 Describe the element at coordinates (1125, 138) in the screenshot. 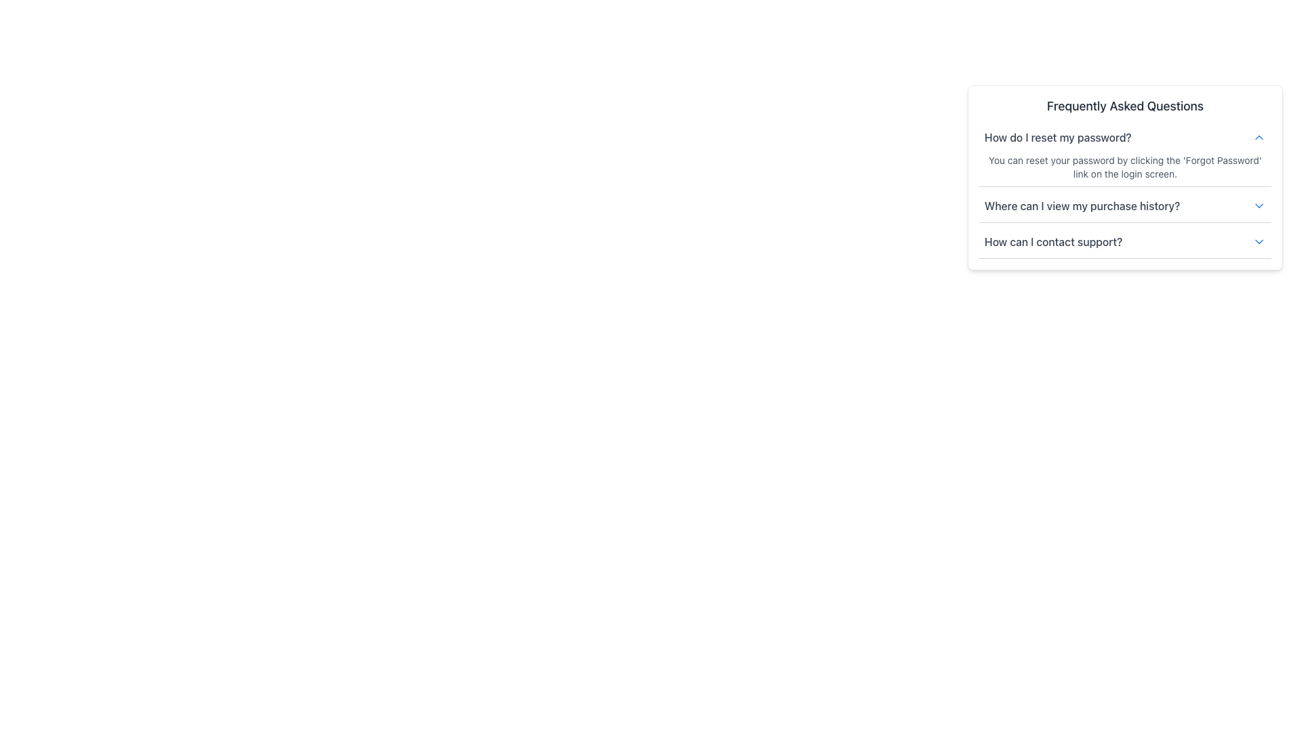

I see `the chevron icon of the first expandable list item in the FAQ section` at that location.